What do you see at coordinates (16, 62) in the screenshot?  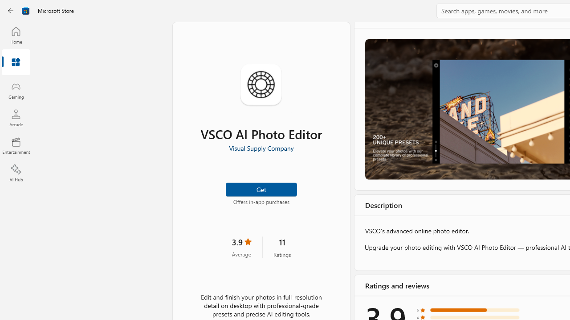 I see `'Apps'` at bounding box center [16, 62].